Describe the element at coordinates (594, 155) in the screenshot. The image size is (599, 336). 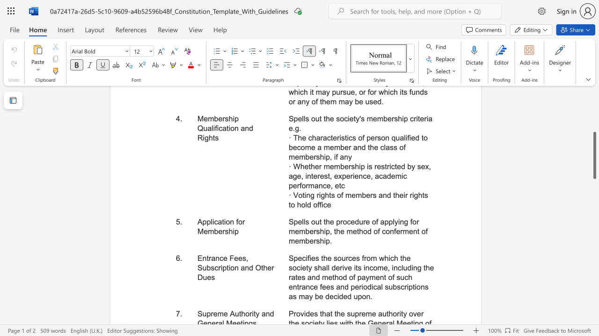
I see `the scrollbar and move down 840 pixels` at that location.